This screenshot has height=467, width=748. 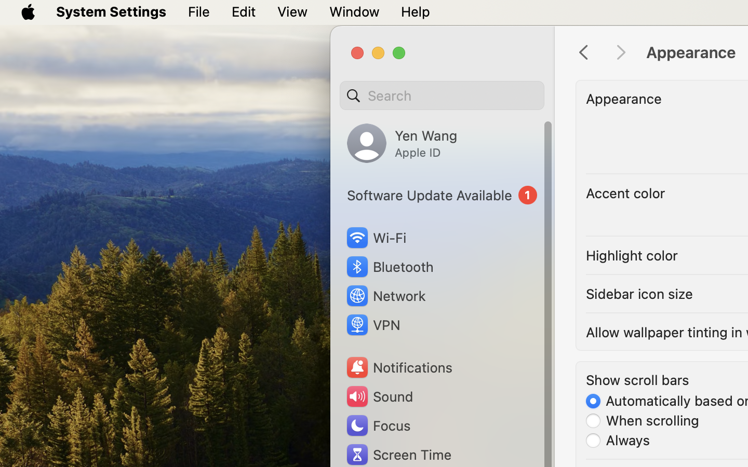 What do you see at coordinates (397, 454) in the screenshot?
I see `'Screen Time'` at bounding box center [397, 454].